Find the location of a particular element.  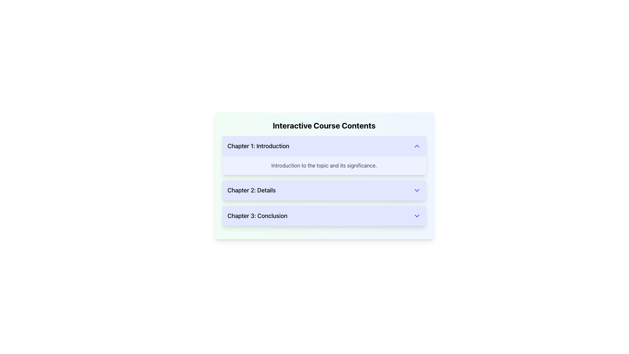

the small upward-facing chevron icon, which is indigo and located to the right of the 'Chapter 1: Introduction' text is located at coordinates (416, 146).